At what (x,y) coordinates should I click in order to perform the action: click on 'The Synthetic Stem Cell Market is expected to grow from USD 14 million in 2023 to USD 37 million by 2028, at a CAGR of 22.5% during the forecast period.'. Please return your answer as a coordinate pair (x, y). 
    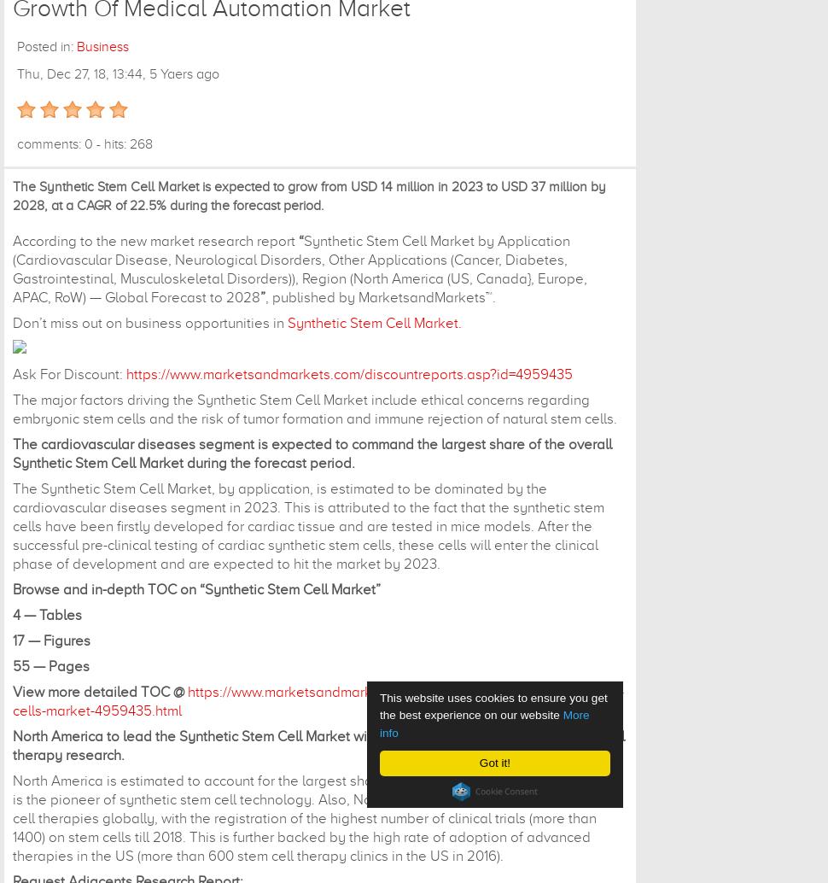
    Looking at the image, I should click on (308, 196).